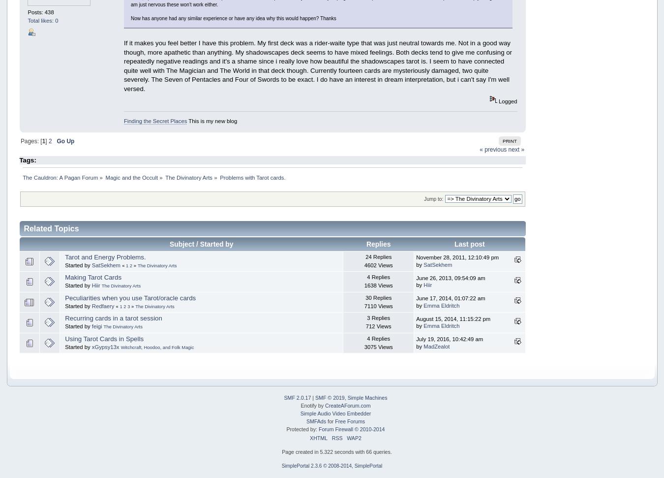 The image size is (664, 478). Describe the element at coordinates (131, 178) in the screenshot. I see `'Magic and the Occult'` at that location.